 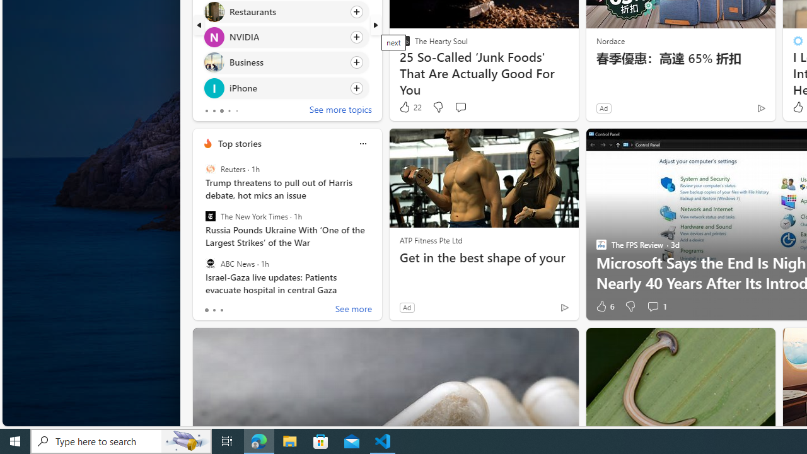 What do you see at coordinates (285, 87) in the screenshot?
I see `'Click to follow topic iPhone'` at bounding box center [285, 87].